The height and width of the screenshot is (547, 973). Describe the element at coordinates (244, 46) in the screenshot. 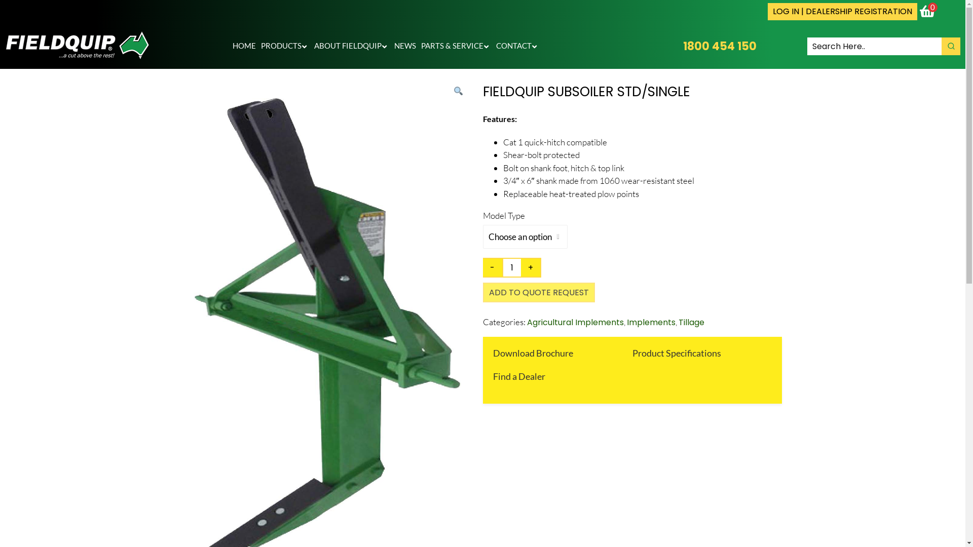

I see `'HOME'` at that location.